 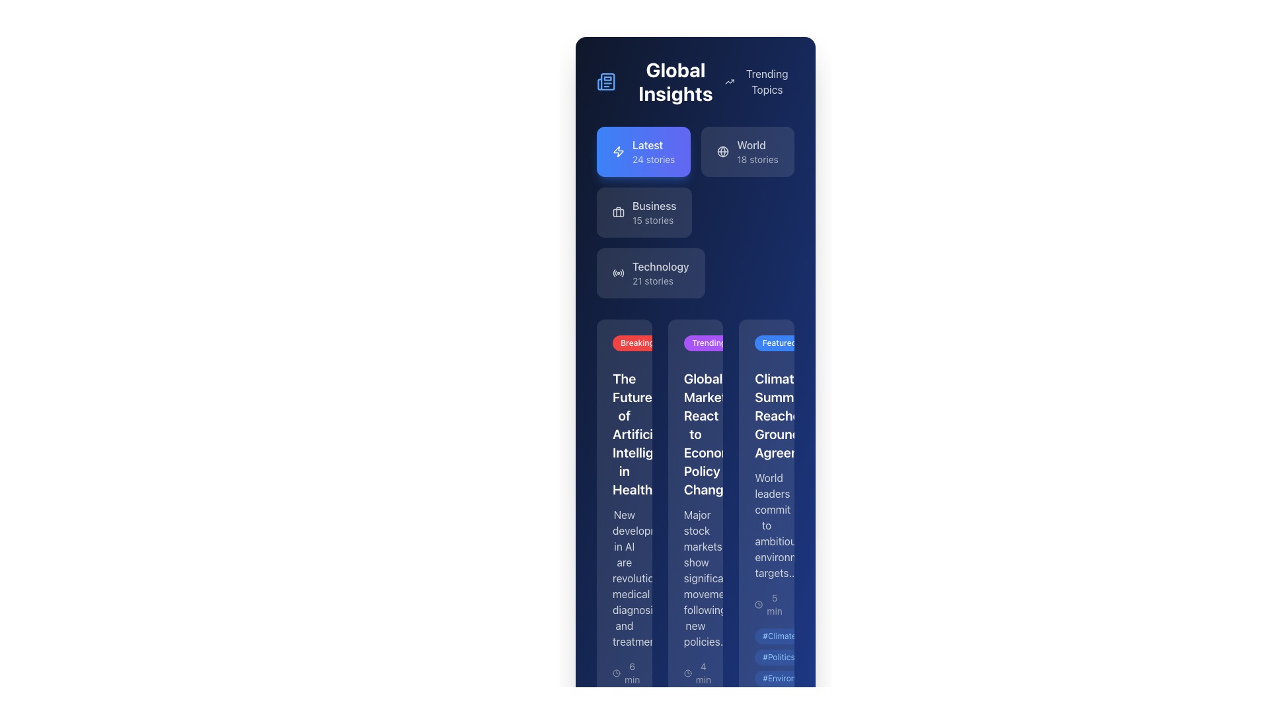 I want to click on the text label displaying '156' located beside the speech bubble icon at the bottom right corner of the card, so click(x=787, y=673).